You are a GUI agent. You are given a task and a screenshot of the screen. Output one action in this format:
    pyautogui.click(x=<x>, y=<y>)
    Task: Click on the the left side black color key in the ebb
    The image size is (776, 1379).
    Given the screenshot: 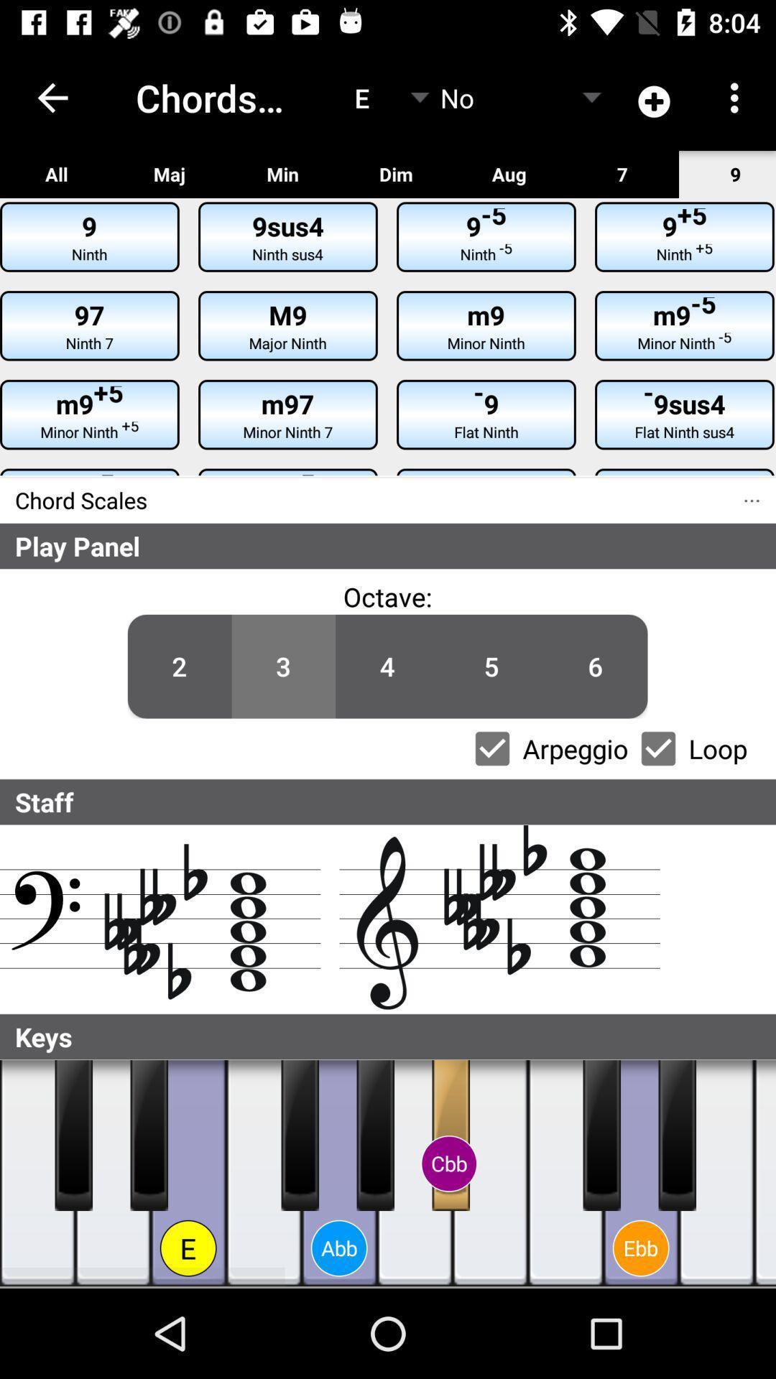 What is the action you would take?
    pyautogui.click(x=601, y=1134)
    